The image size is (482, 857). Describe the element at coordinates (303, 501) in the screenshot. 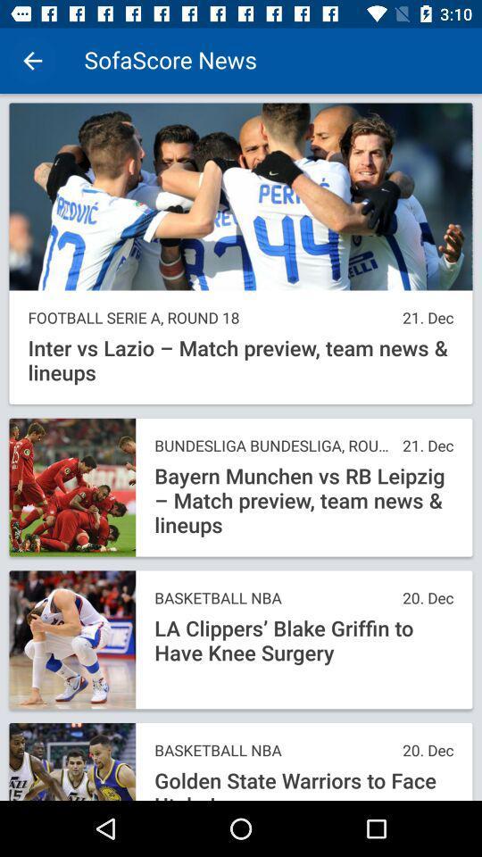

I see `the item below bundesliga bundesliga round item` at that location.